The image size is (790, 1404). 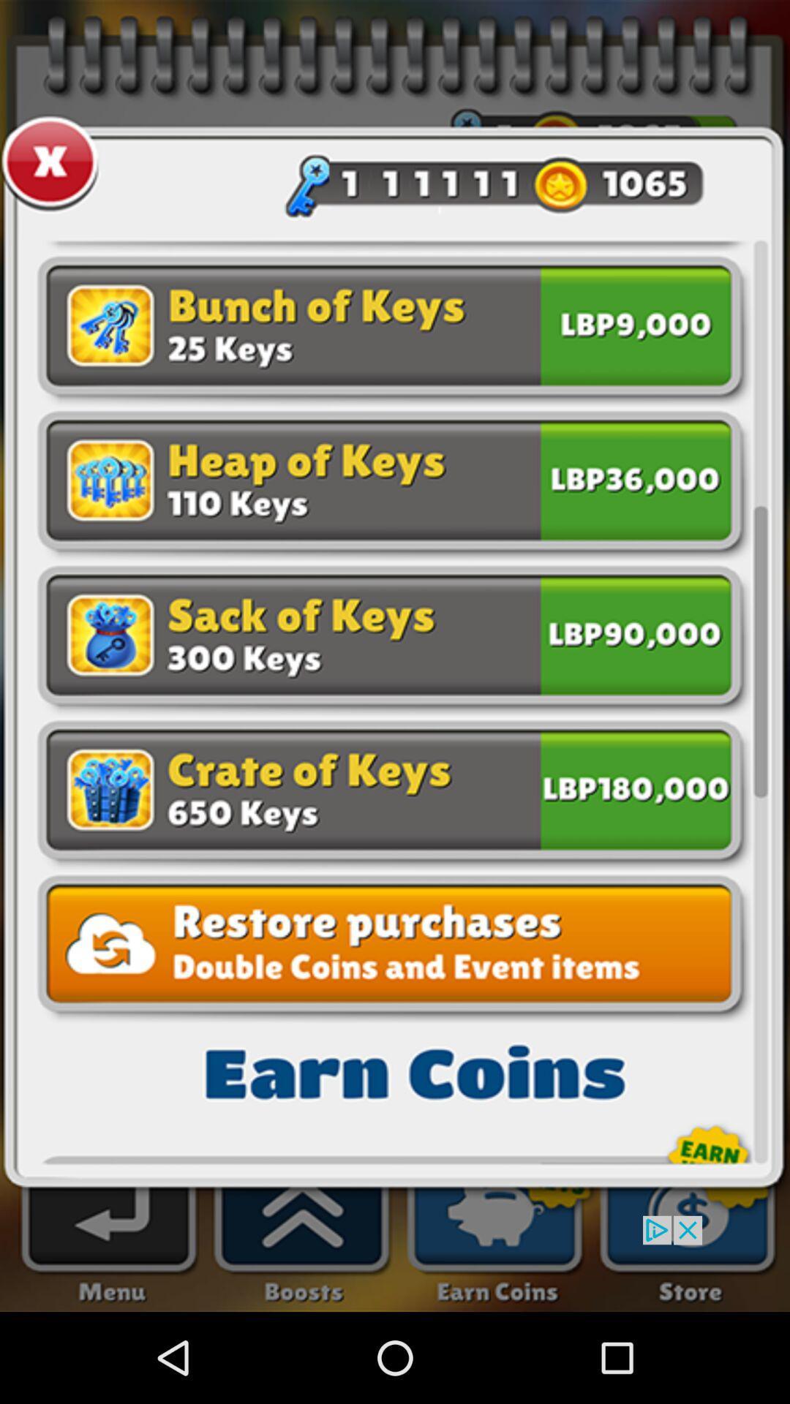 I want to click on purchase, so click(x=635, y=478).